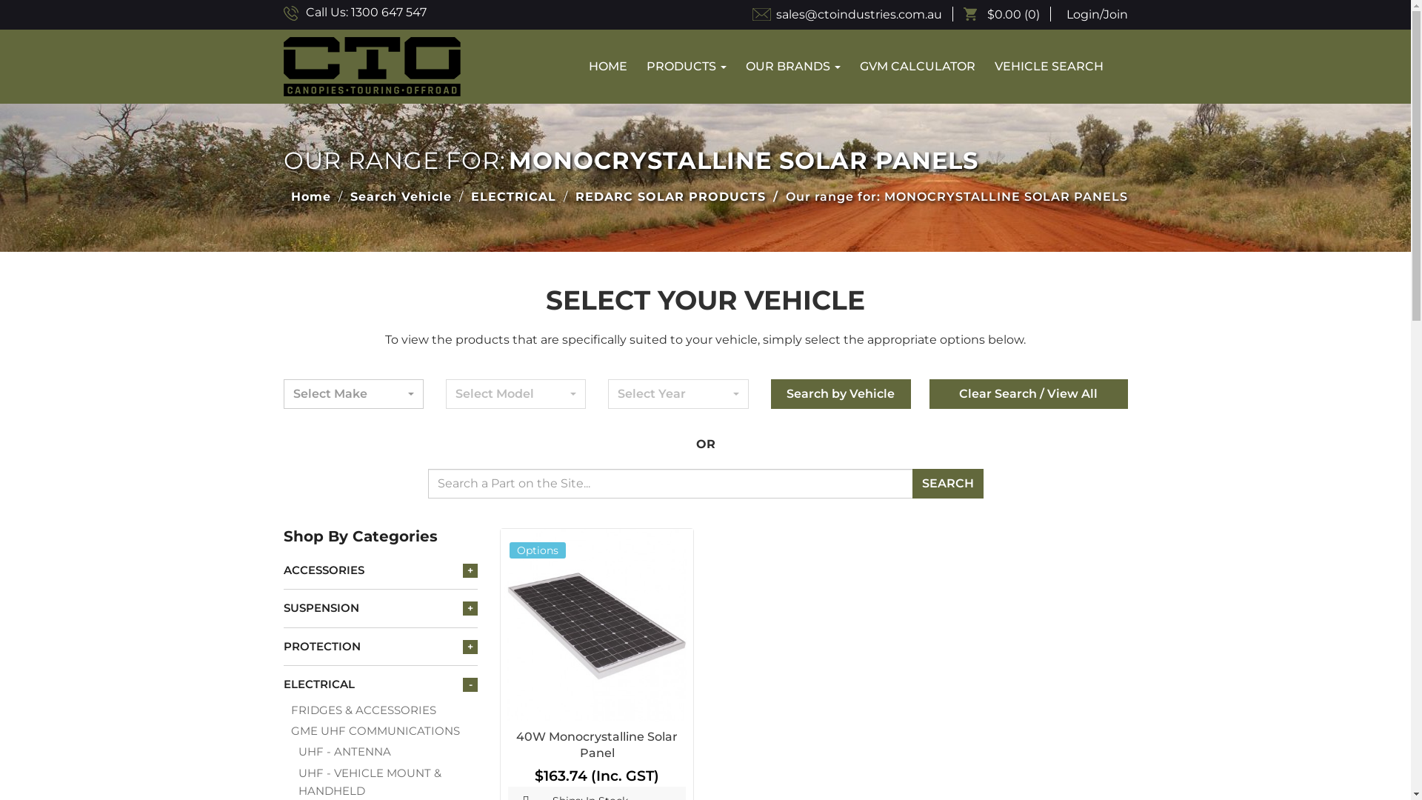 This screenshot has width=1422, height=800. I want to click on 'HOME', so click(607, 65).